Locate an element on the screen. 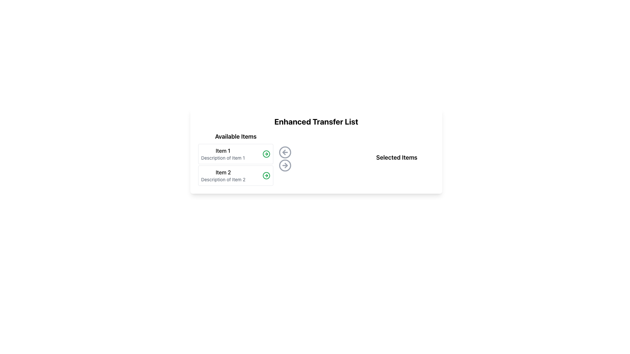 The image size is (630, 354). the Textual Display Block containing the bolded title 'Item 2' and the grayed-out description 'Description of Item 2', which is the second item in the 'Available Items' section is located at coordinates (223, 175).